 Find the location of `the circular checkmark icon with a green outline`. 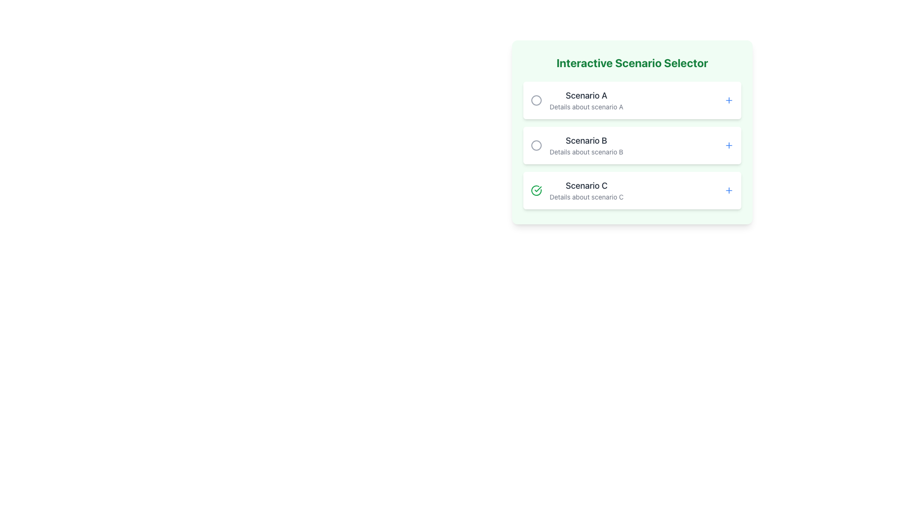

the circular checkmark icon with a green outline is located at coordinates (537, 190).